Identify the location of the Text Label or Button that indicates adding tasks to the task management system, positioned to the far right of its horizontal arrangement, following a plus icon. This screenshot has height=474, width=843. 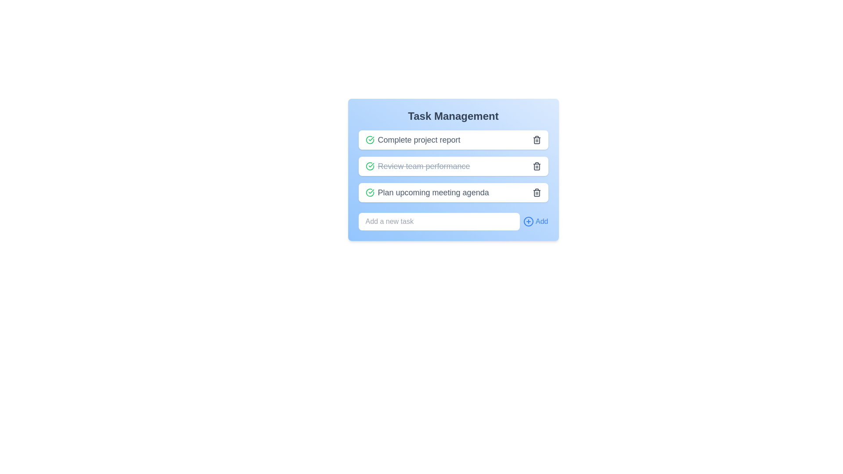
(541, 221).